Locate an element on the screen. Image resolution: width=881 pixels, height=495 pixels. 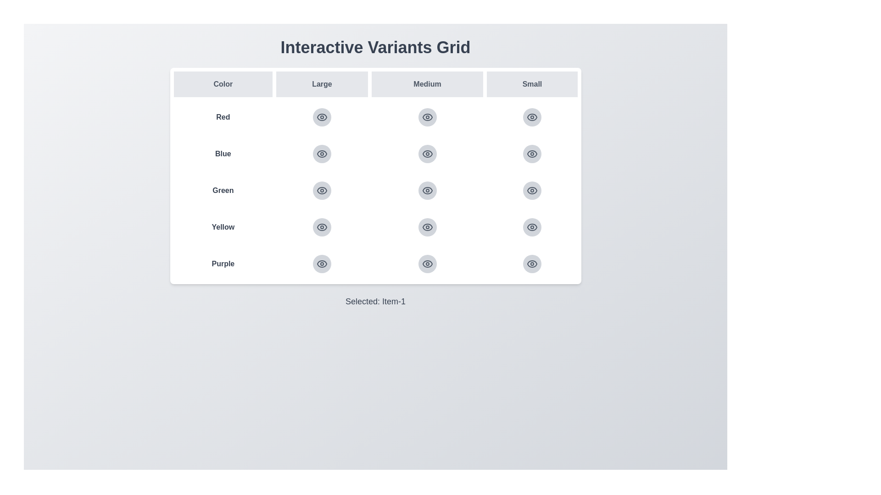
the Text Label that represents the green color, which is the third entry in the vertical list under the 'Color' column is located at coordinates (223, 190).